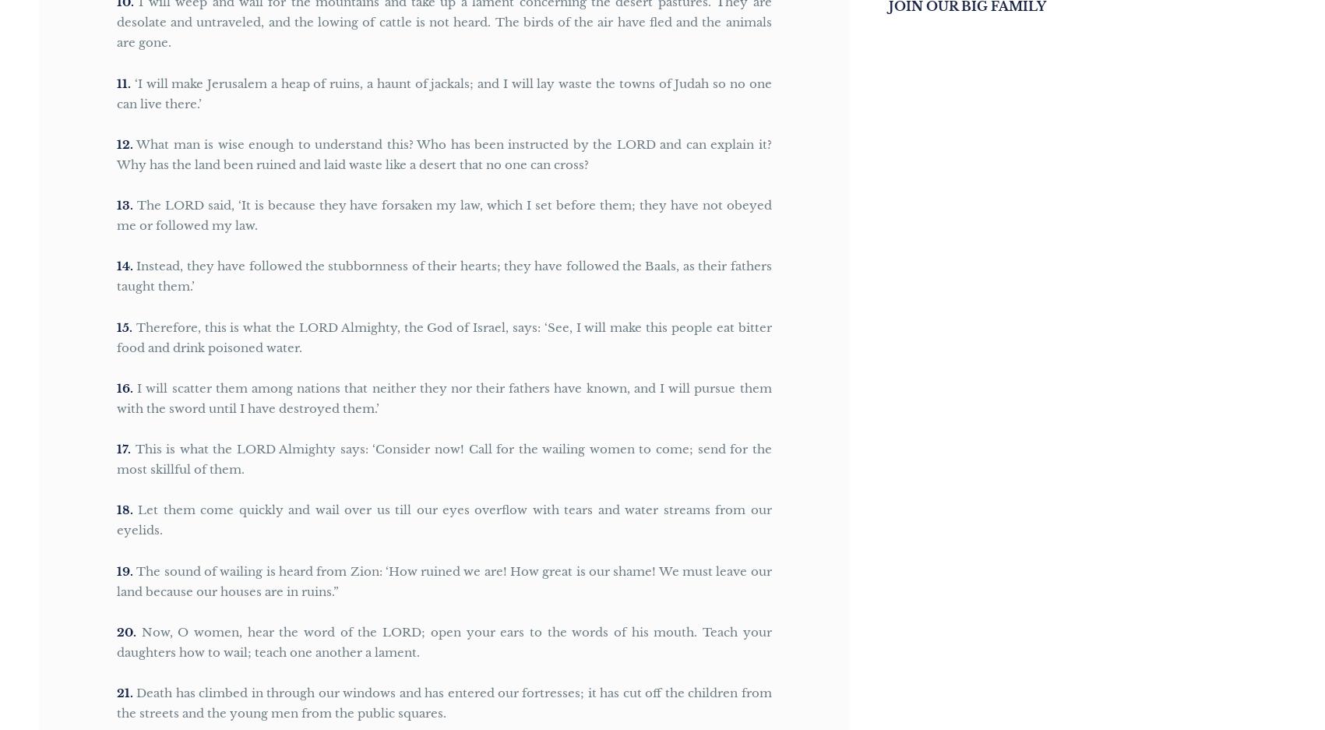  What do you see at coordinates (122, 266) in the screenshot?
I see `'14'` at bounding box center [122, 266].